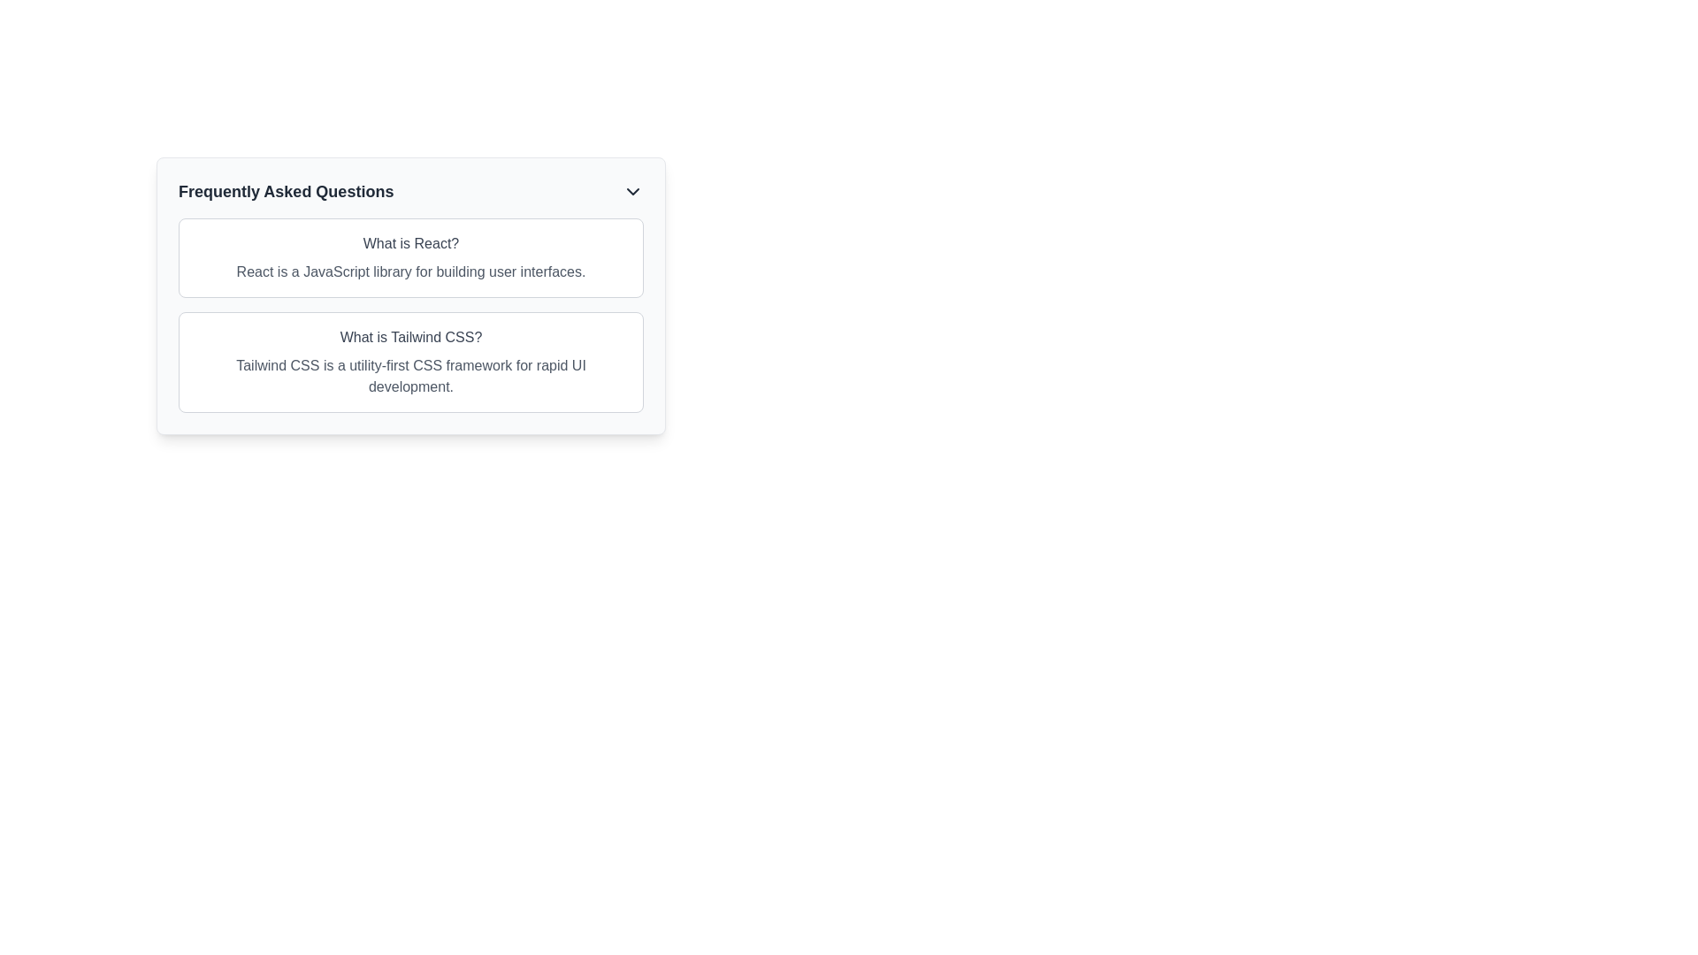 This screenshot has width=1698, height=955. I want to click on text displayed in the Text Header that says 'What is React?' which is a bold, gray-colored heading of a FAQ card, so click(410, 244).